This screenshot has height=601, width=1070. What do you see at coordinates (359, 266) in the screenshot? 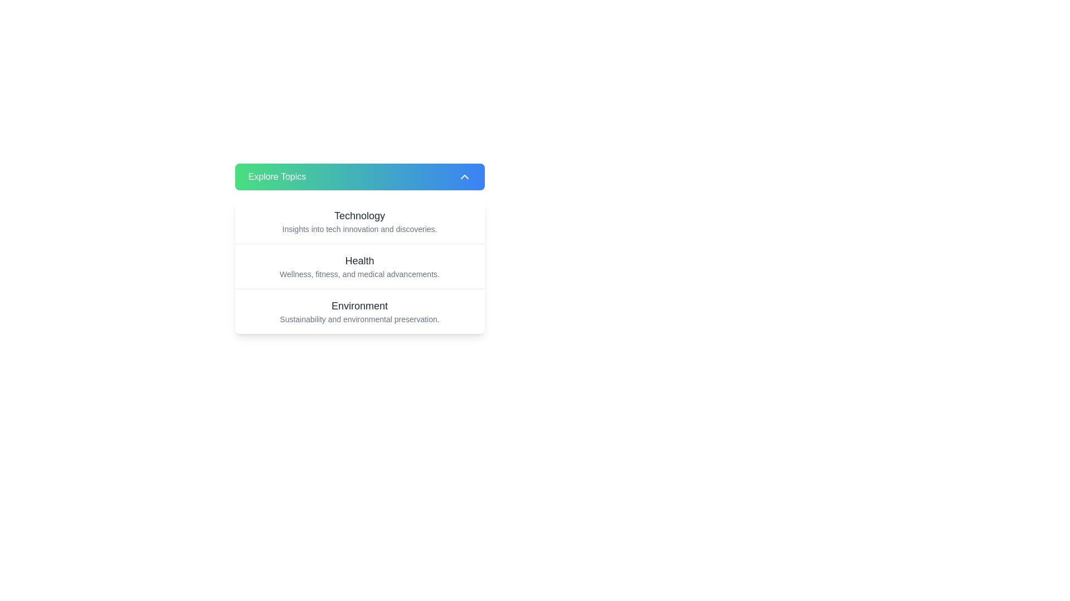
I see `the second option in the vertical list of topics` at bounding box center [359, 266].